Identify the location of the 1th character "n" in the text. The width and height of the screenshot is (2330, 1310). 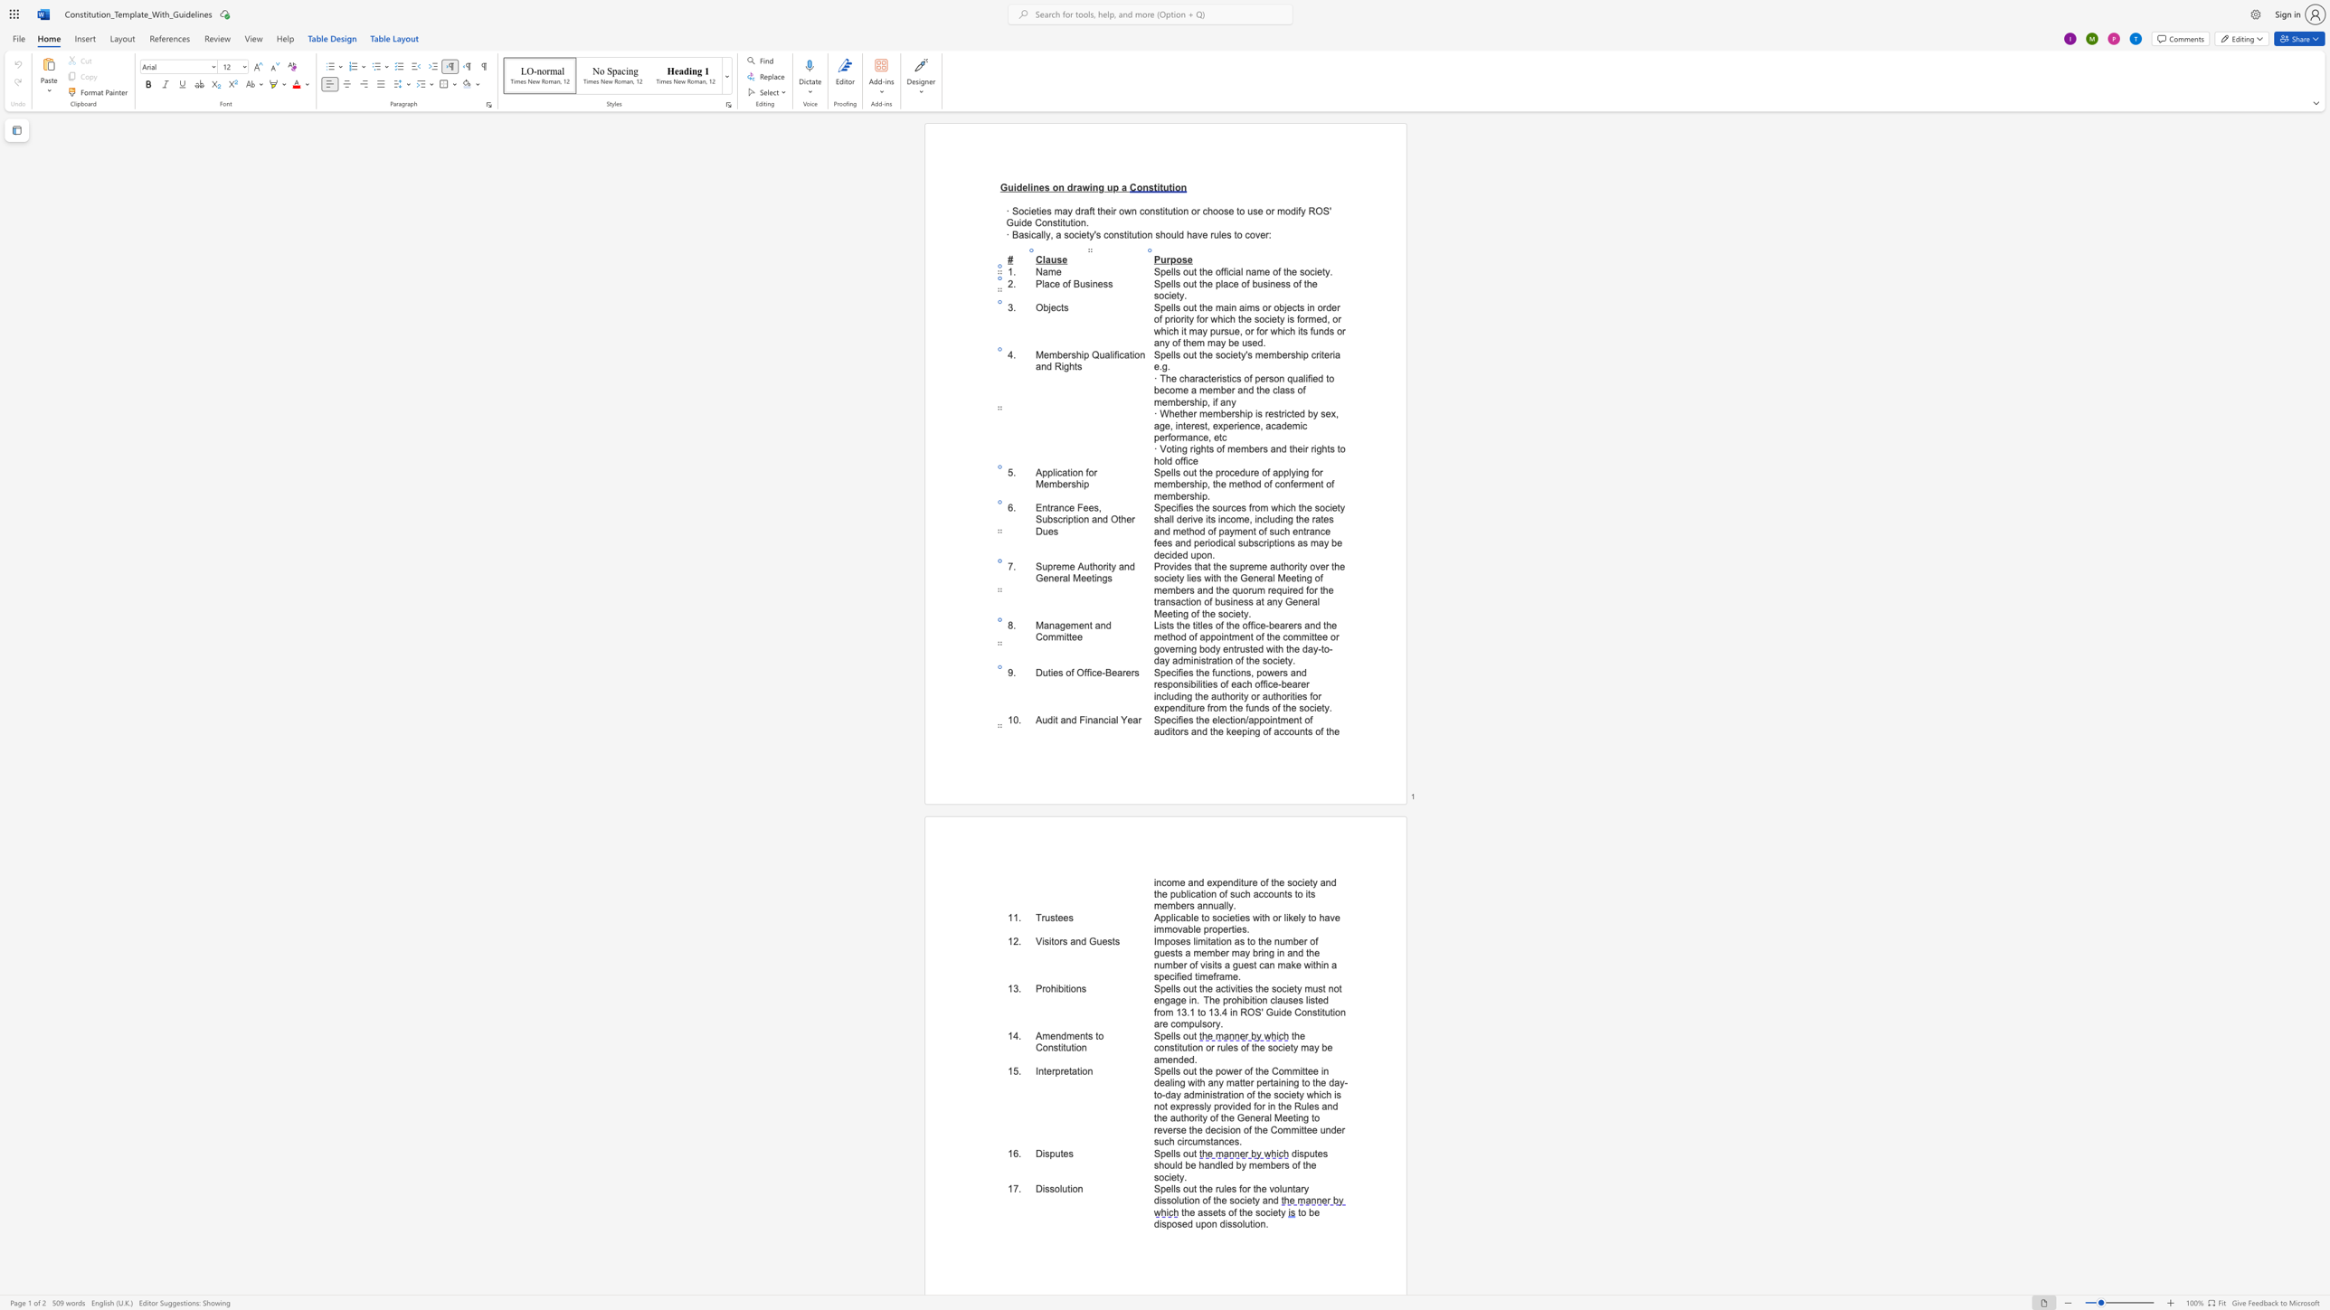
(1078, 987).